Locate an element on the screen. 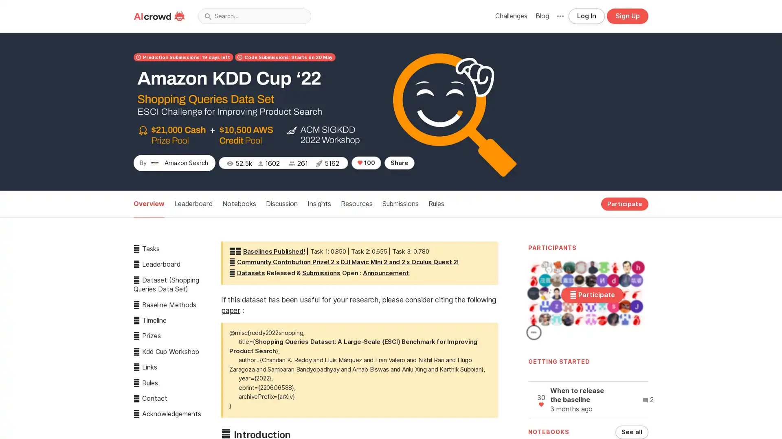 This screenshot has height=439, width=782. Sign Up is located at coordinates (627, 16).